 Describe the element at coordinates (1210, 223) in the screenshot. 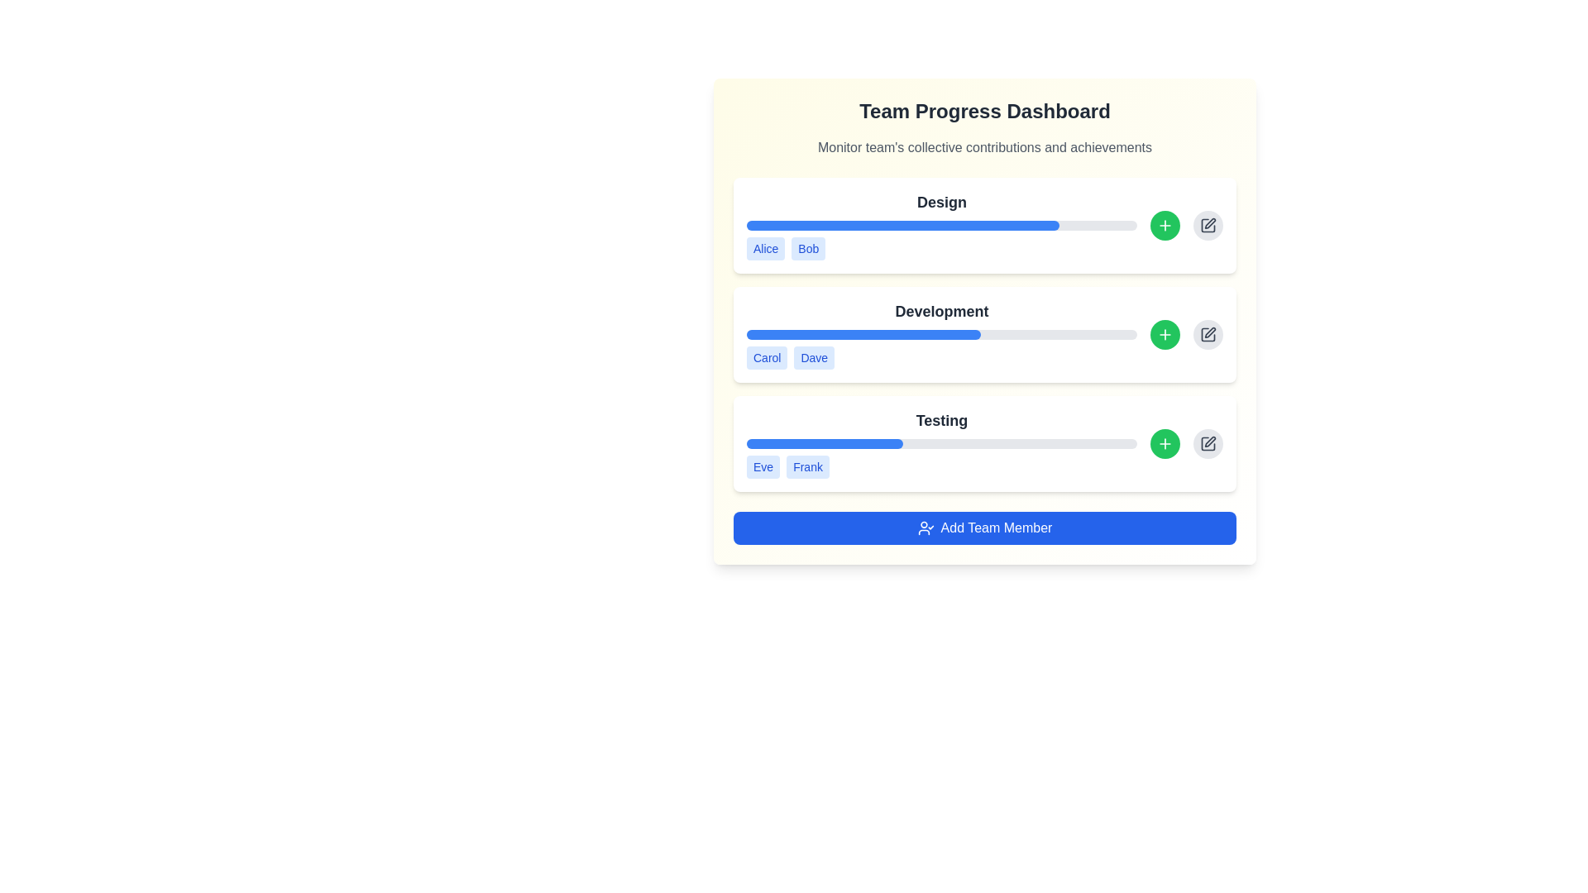

I see `the pen-shaped icon located` at that location.